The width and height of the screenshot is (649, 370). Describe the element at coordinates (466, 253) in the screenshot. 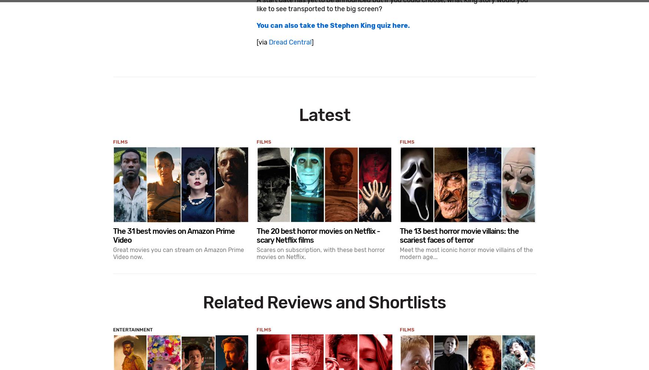

I see `'Meet the most iconic horror movie villains of the modern age...'` at that location.